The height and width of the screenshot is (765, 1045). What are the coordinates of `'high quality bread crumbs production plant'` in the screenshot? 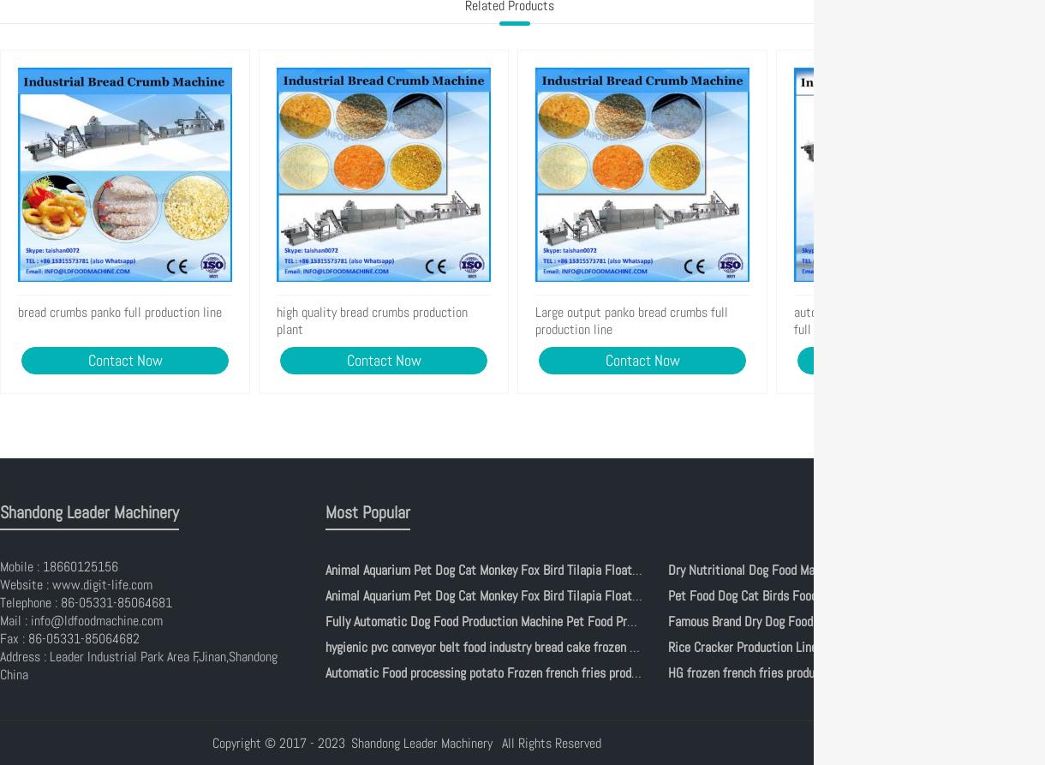 It's located at (372, 320).